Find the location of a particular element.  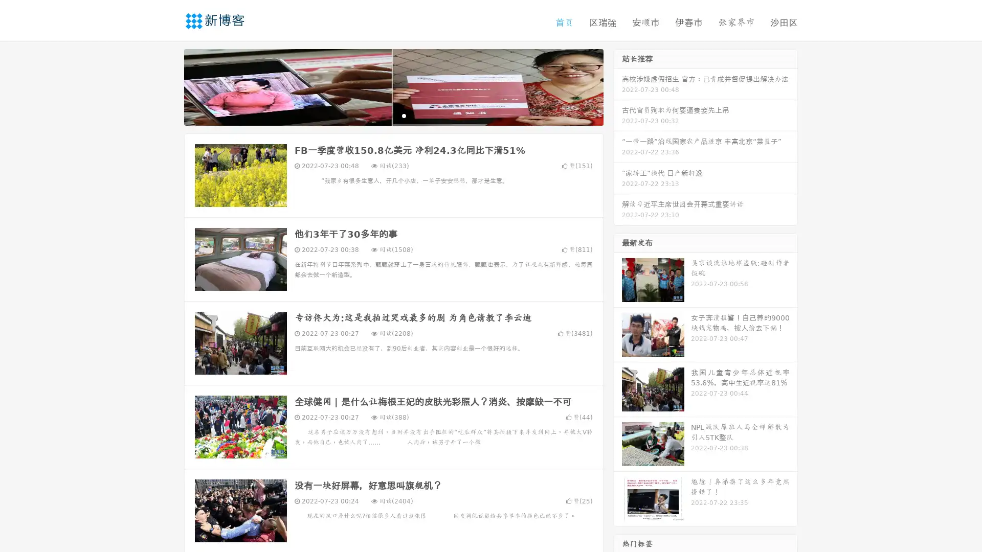

Previous slide is located at coordinates (169, 86).